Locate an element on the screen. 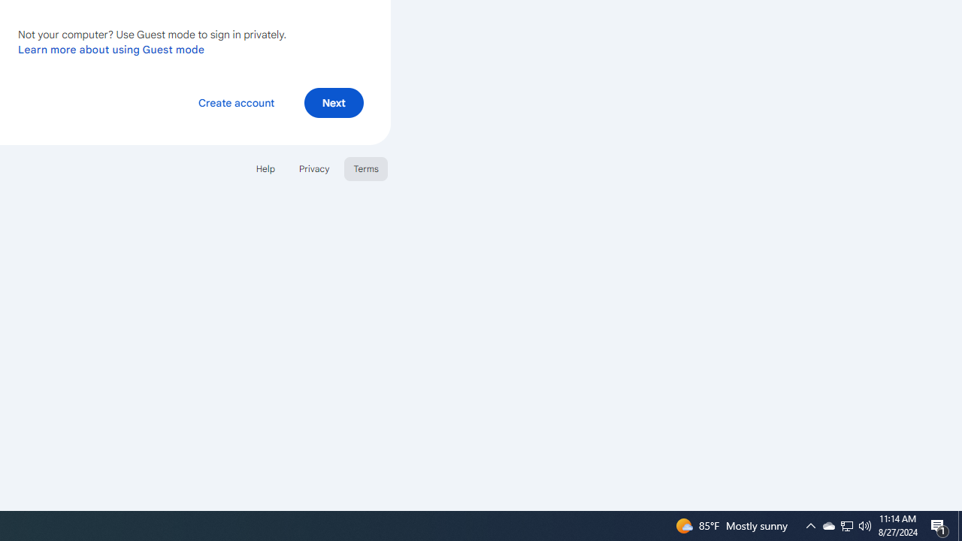 The image size is (962, 541). 'Create account' is located at coordinates (235, 101).